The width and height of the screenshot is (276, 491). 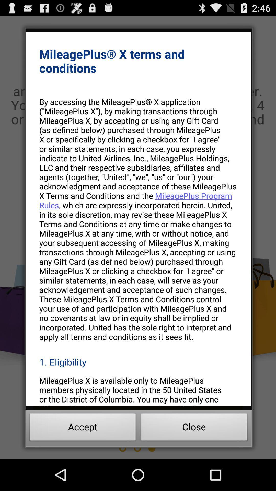 What do you see at coordinates (139, 219) in the screenshot?
I see `the by accessing the item` at bounding box center [139, 219].